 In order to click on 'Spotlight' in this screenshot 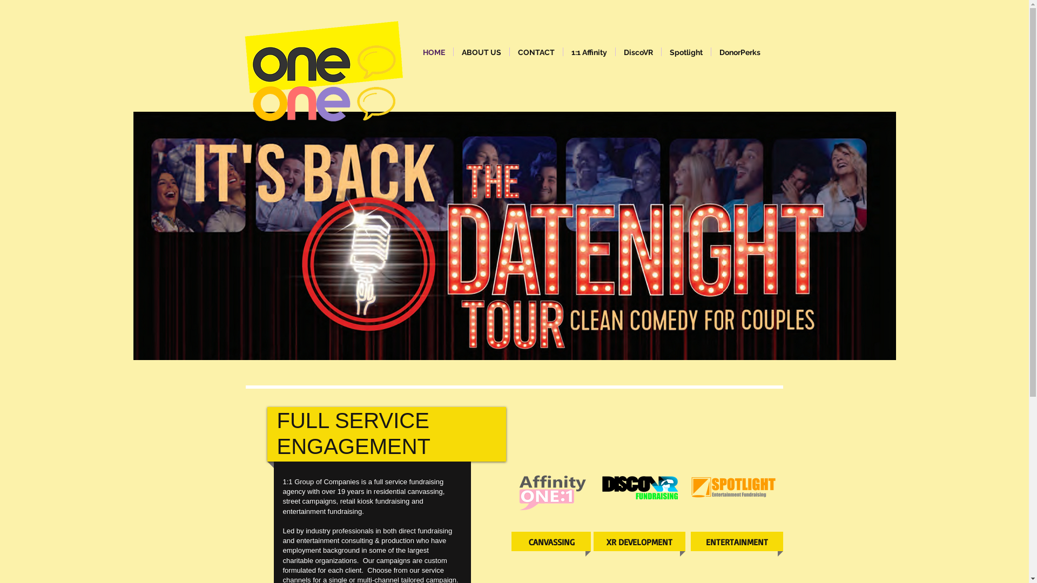, I will do `click(685, 52)`.